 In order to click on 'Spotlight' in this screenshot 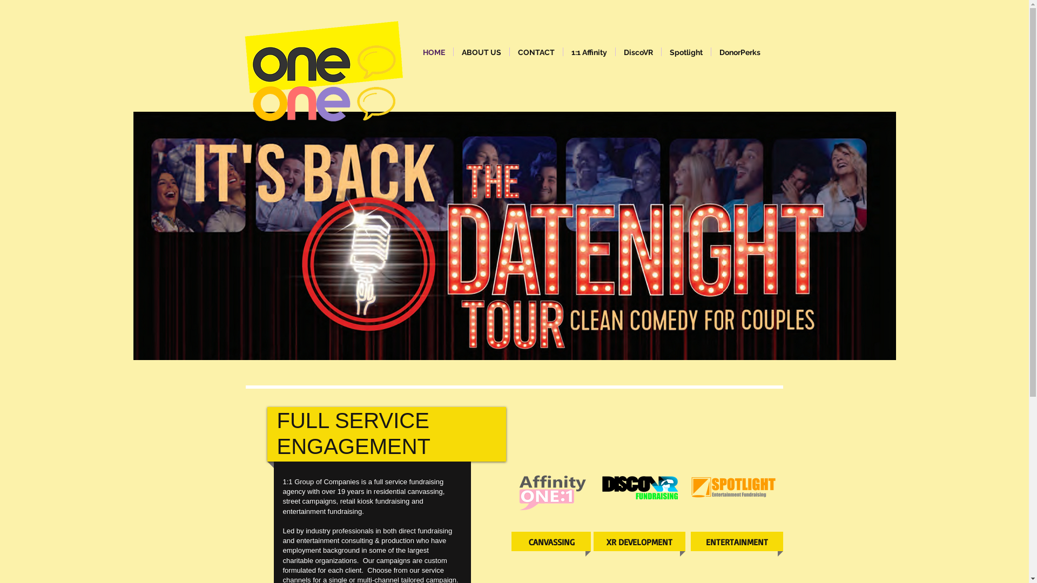, I will do `click(685, 52)`.